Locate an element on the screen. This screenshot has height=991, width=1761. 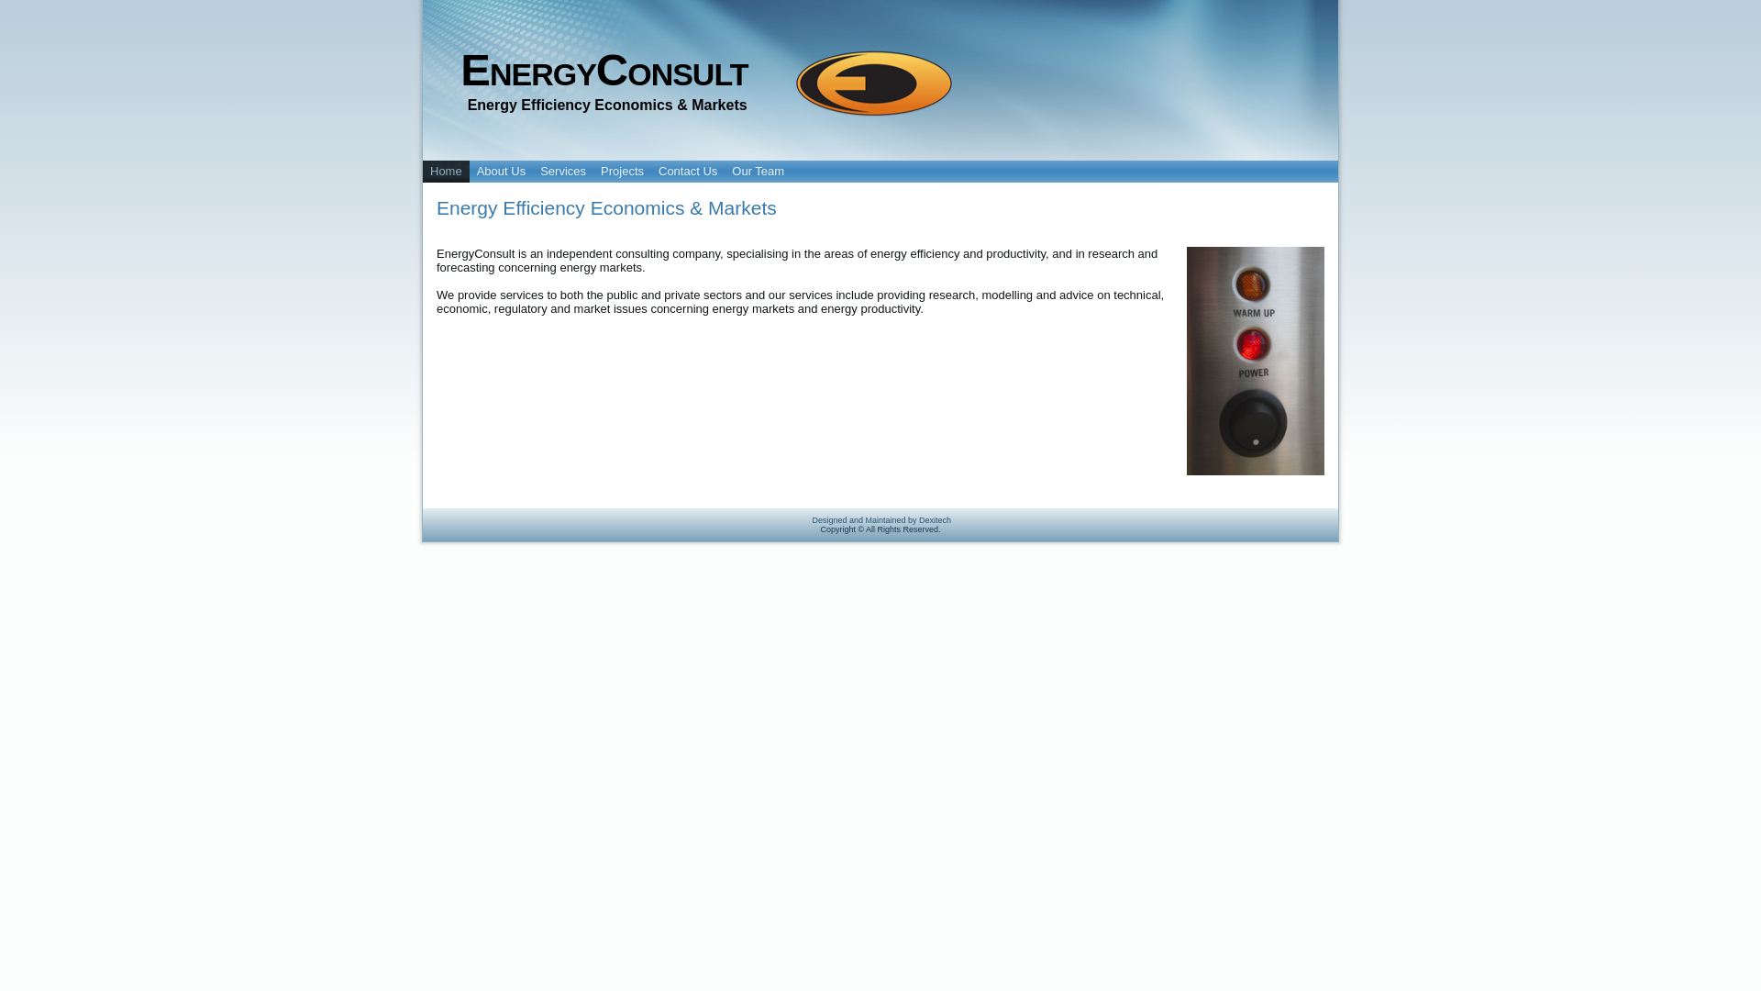
'EnergyConsult' is located at coordinates (604, 69).